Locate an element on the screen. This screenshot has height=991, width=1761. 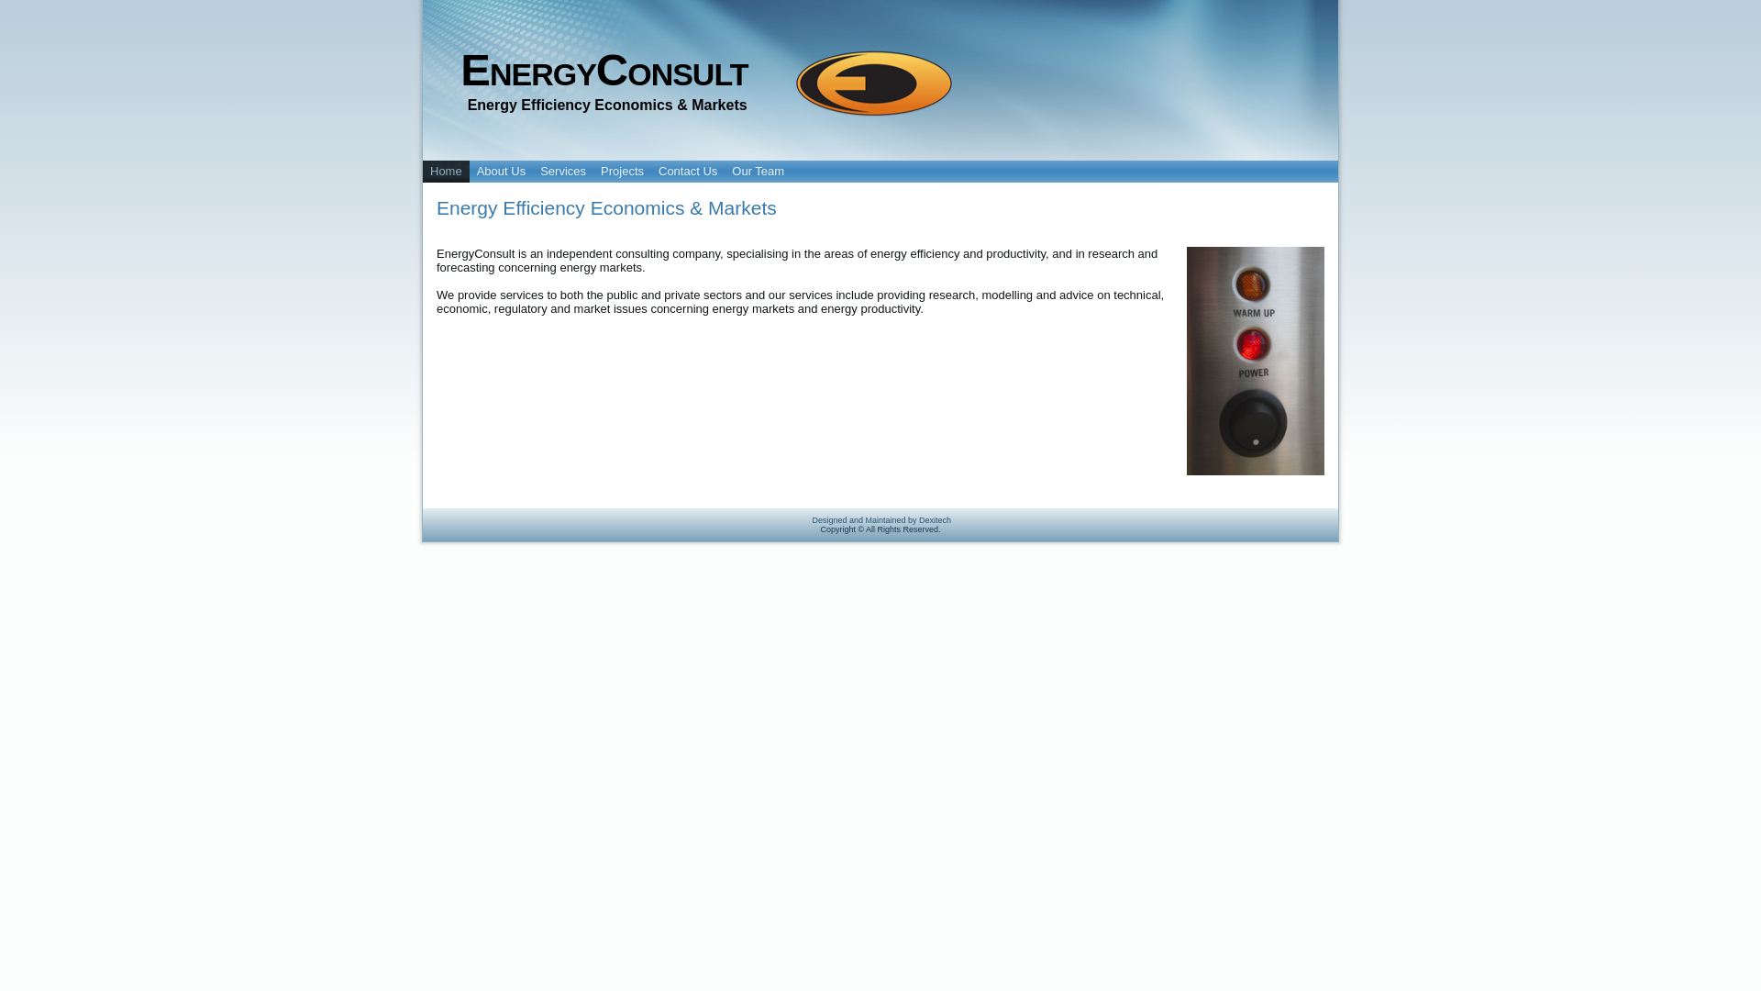
'EnergyConsult' is located at coordinates (604, 69).